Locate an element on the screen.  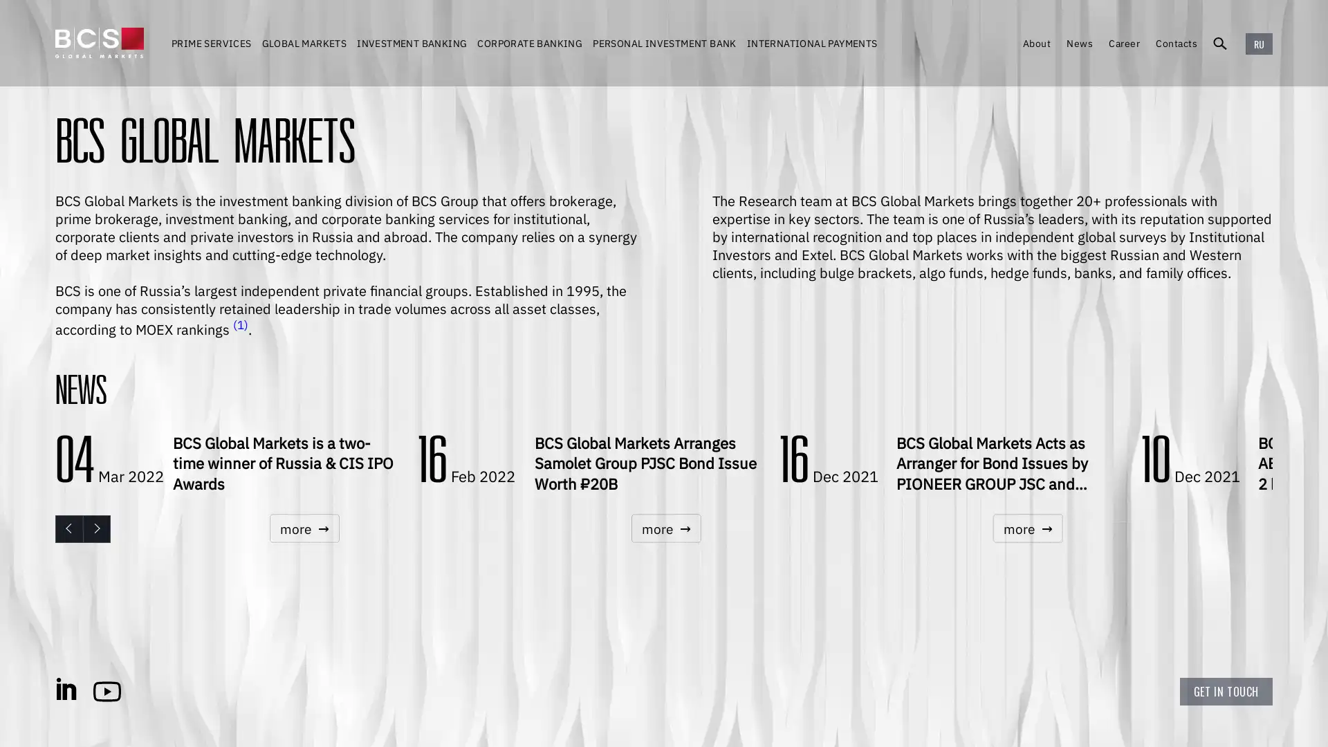
GET IN TOUCH is located at coordinates (1226, 691).